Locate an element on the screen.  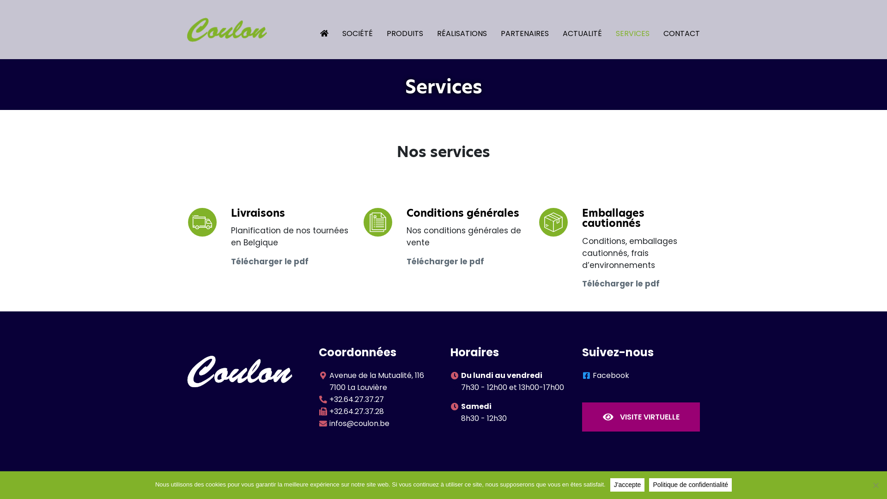
'J'accepte' is located at coordinates (627, 484).